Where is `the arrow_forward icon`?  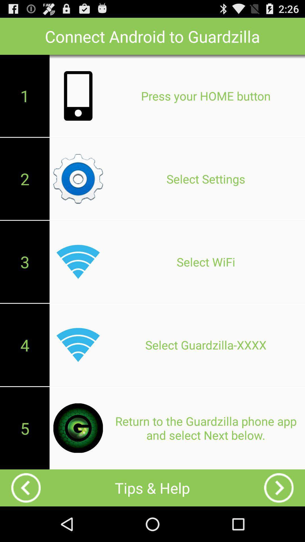 the arrow_forward icon is located at coordinates (278, 522).